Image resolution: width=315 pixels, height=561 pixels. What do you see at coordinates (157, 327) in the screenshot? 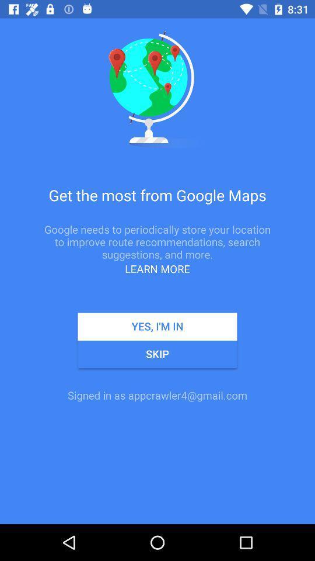
I see `the yes i m` at bounding box center [157, 327].